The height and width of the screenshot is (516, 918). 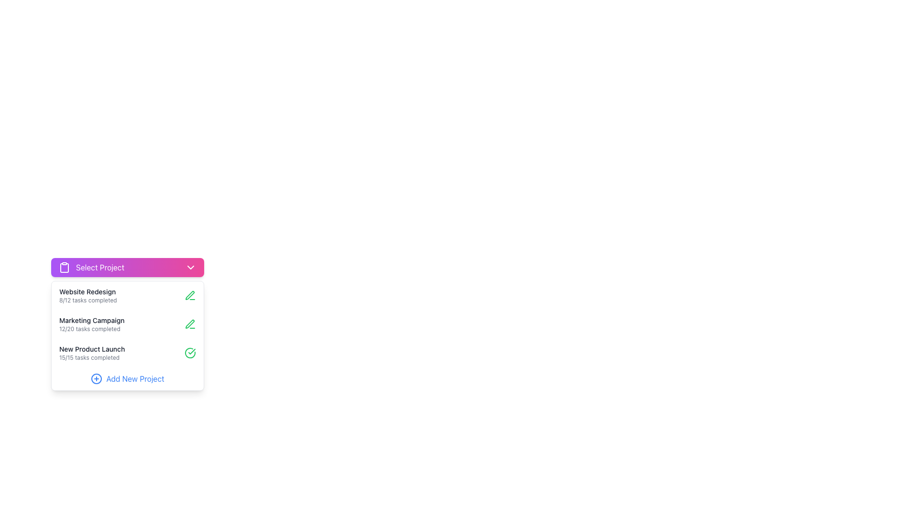 What do you see at coordinates (88, 295) in the screenshot?
I see `the textual display component that shows the project's title 'Website Redesign' and its progress status '8/12 tasks completed'` at bounding box center [88, 295].